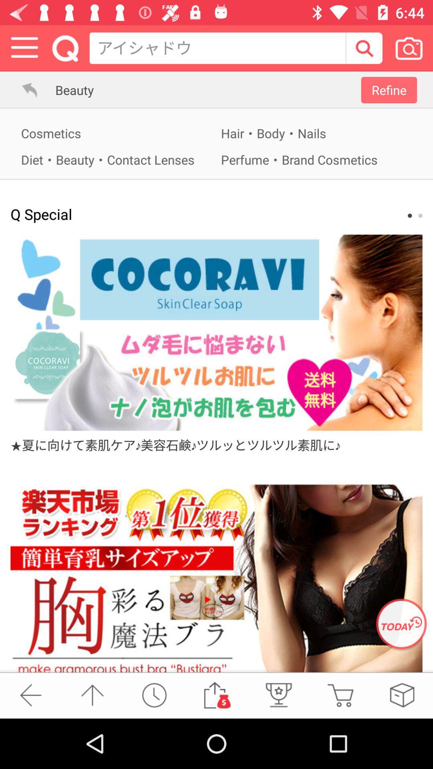 This screenshot has height=769, width=433. Describe the element at coordinates (409, 48) in the screenshot. I see `to search via a picture` at that location.